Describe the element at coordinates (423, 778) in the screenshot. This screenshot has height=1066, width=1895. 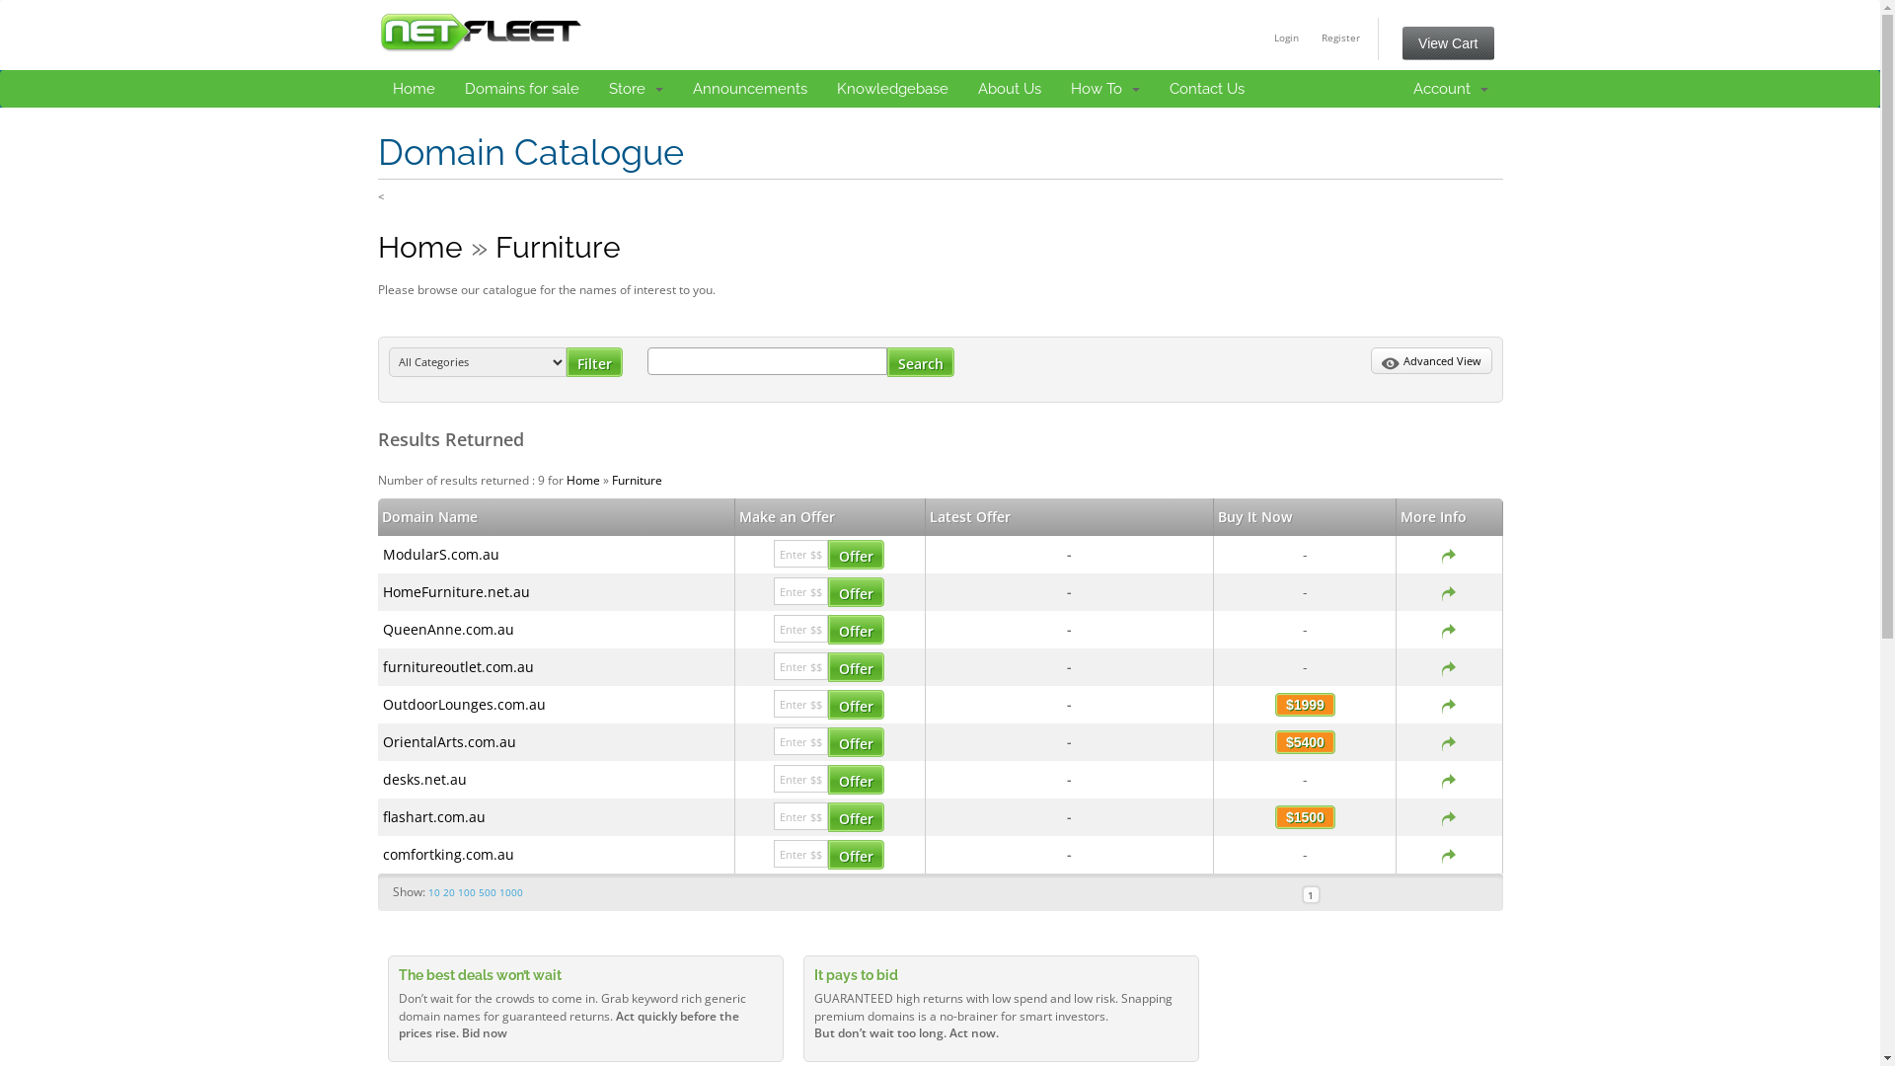
I see `'desks.net.au'` at that location.